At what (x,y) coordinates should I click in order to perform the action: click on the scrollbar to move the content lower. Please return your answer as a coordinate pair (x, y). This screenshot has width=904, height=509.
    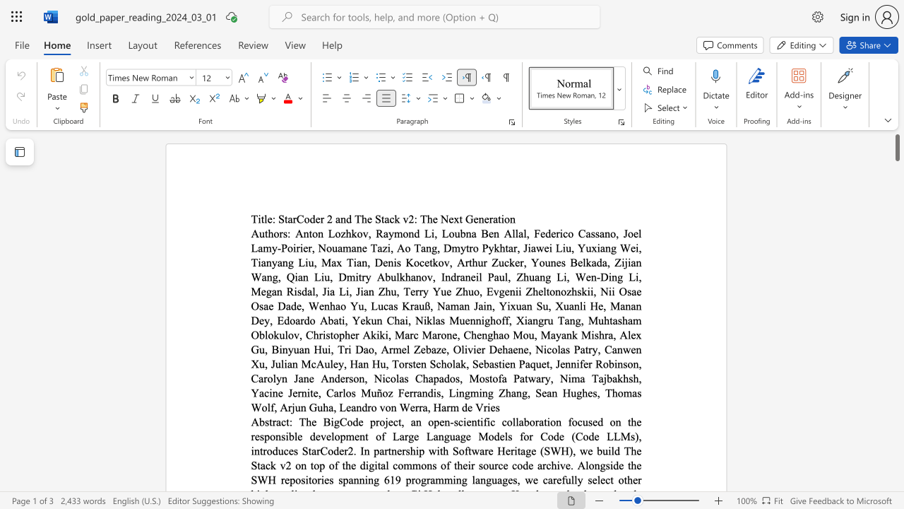
    Looking at the image, I should click on (896, 205).